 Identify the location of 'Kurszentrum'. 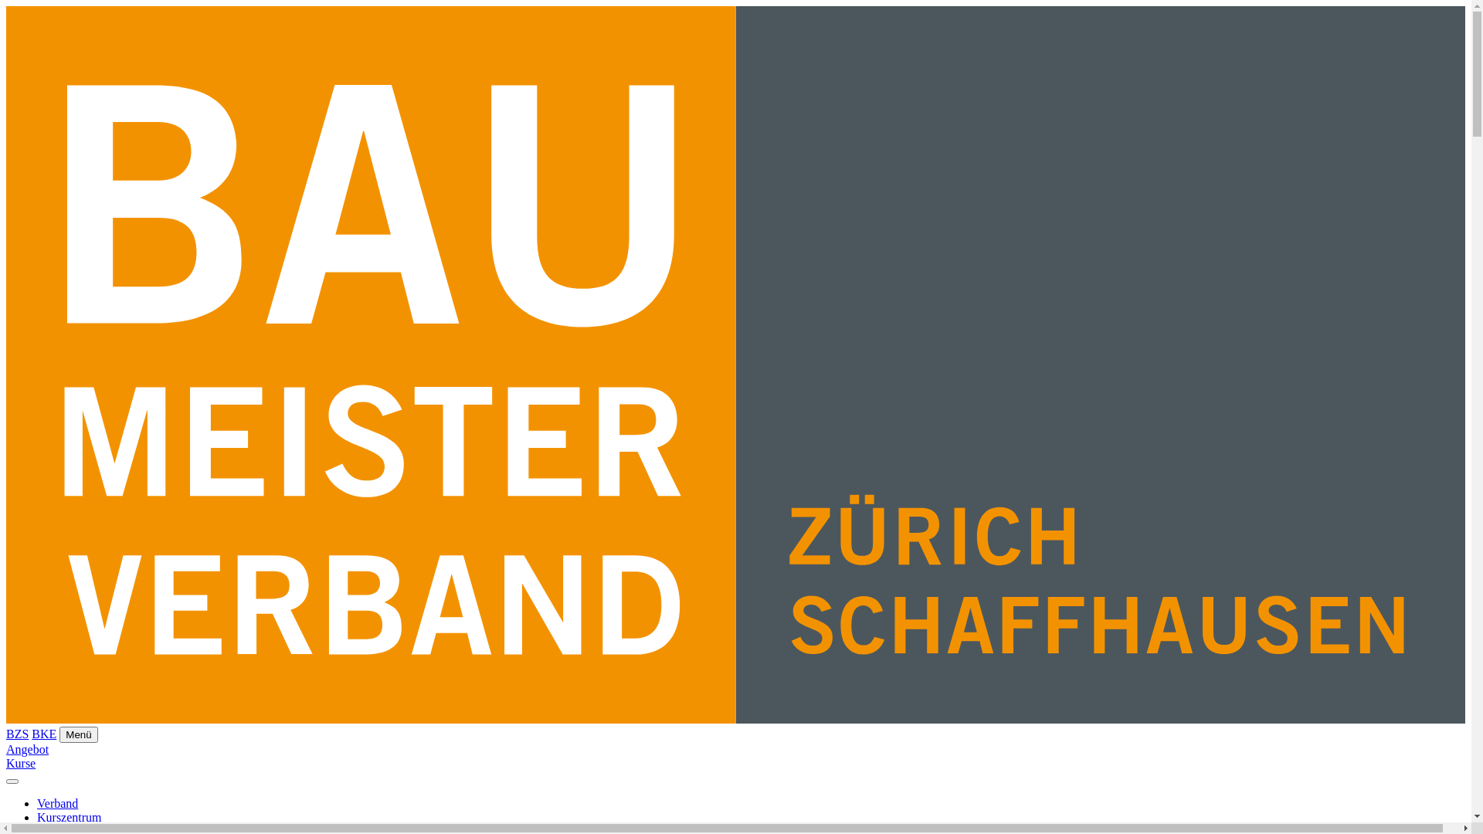
(69, 816).